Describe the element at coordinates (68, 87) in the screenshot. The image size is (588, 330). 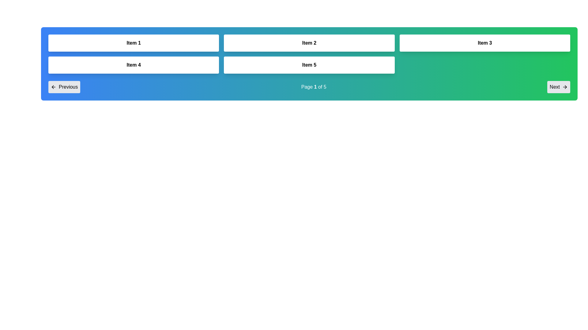
I see `the 'Previous' label, which is part of a composite button element located at the bottom-left corner of the interface, adjacent to a leftwards pointing arrow icon` at that location.